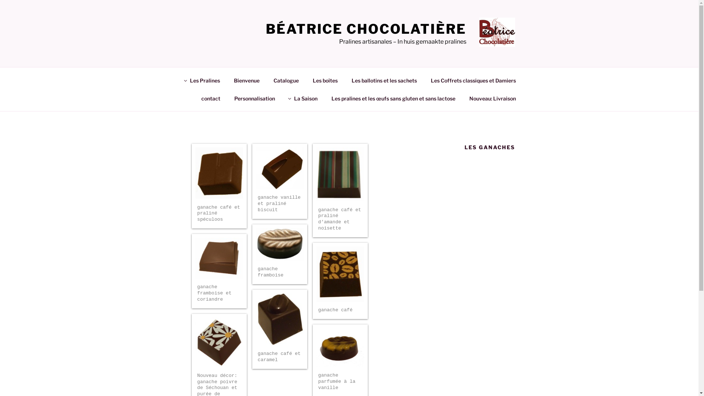 This screenshot has width=704, height=396. What do you see at coordinates (228, 98) in the screenshot?
I see `'Personnalisation'` at bounding box center [228, 98].